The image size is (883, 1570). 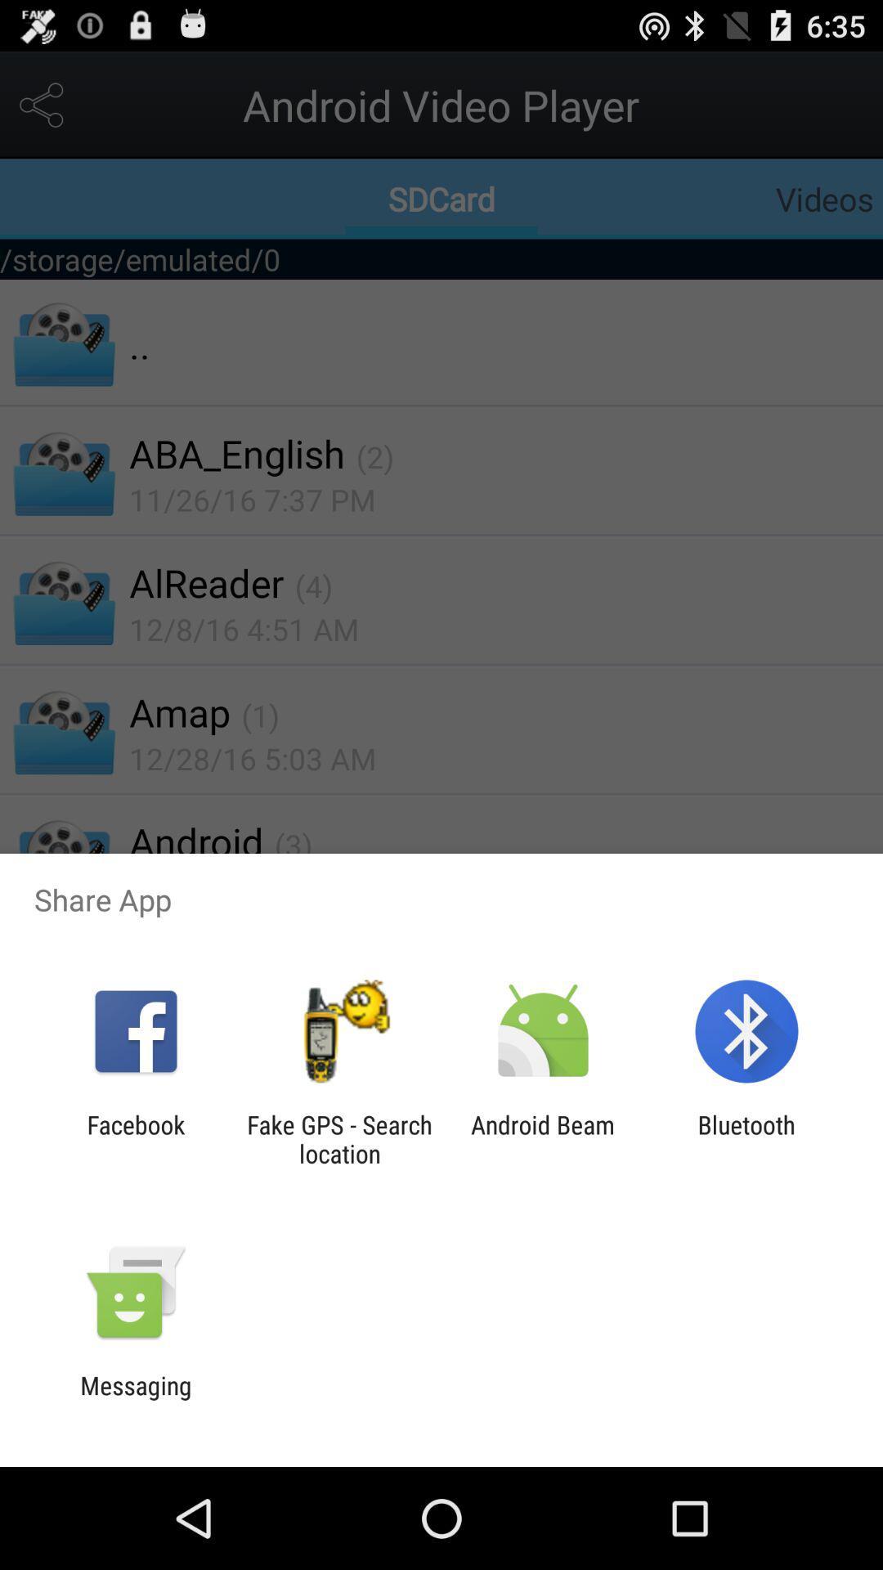 I want to click on the bluetooth at the bottom right corner, so click(x=746, y=1138).